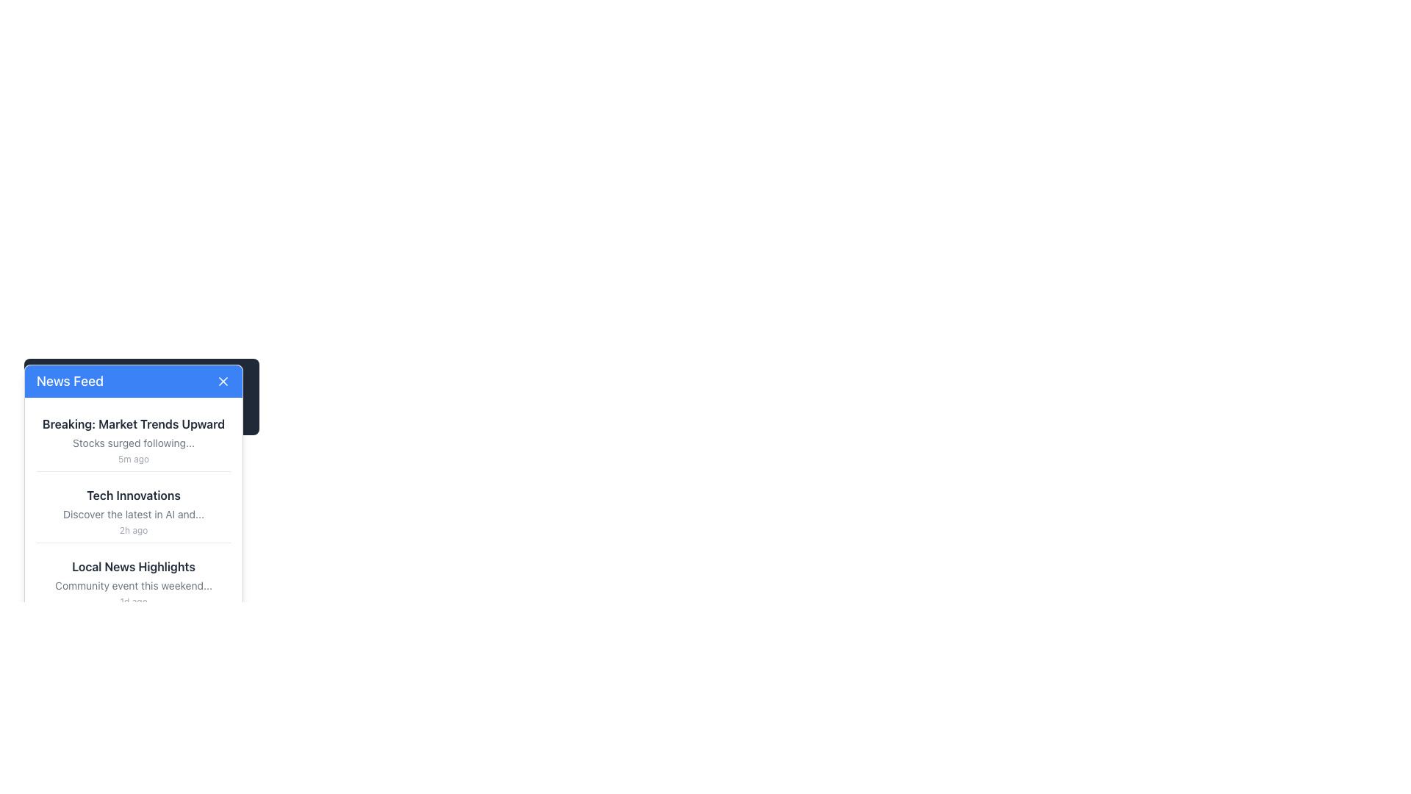 The image size is (1411, 794). Describe the element at coordinates (223, 381) in the screenshot. I see `the close icon located at the top-right corner of the blue header near the 'News Feed' title bar` at that location.